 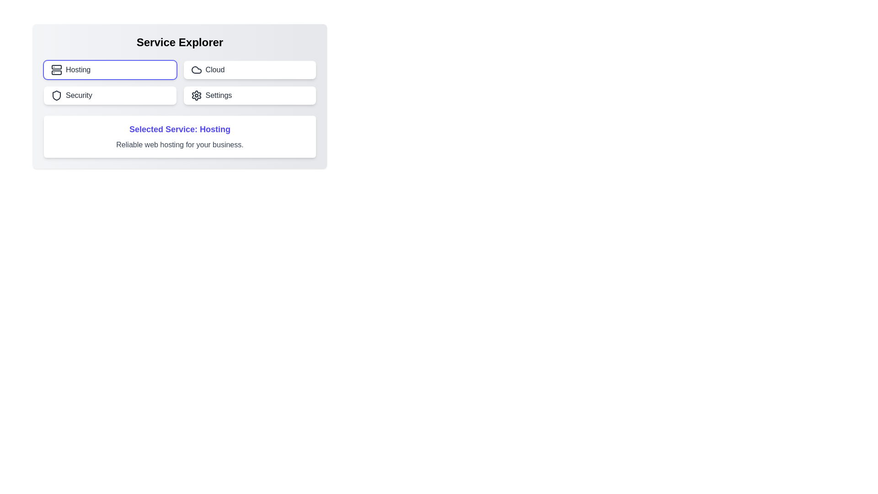 I want to click on the fourth button in the top-right horizontal row of selectable buttons, which represents a label for accessing the settings or configuration menu, so click(x=218, y=95).